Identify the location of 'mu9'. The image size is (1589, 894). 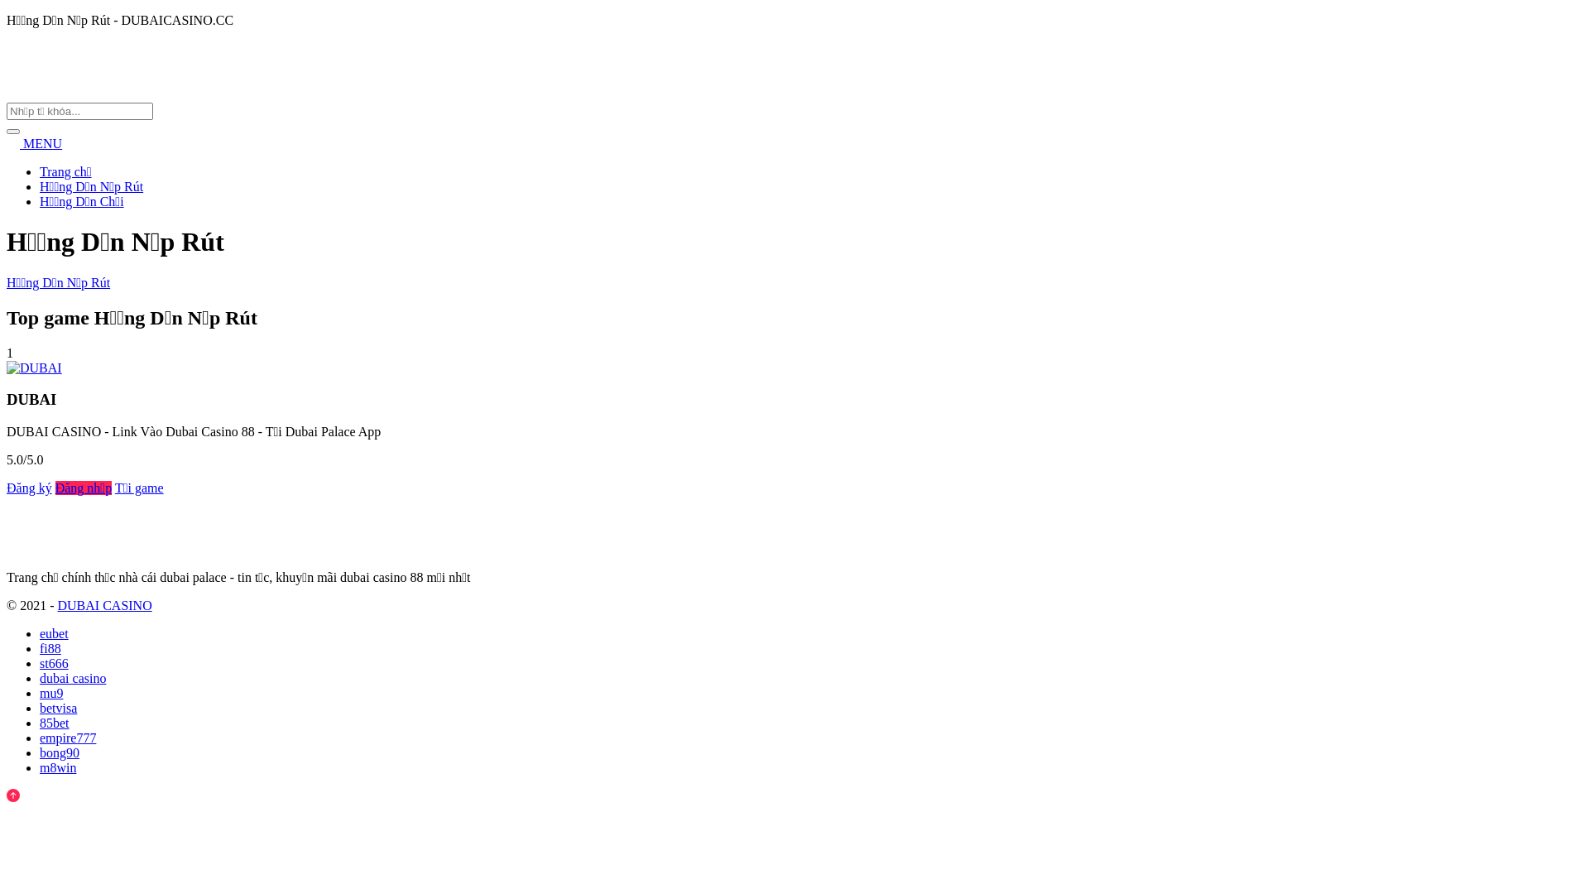
(40, 693).